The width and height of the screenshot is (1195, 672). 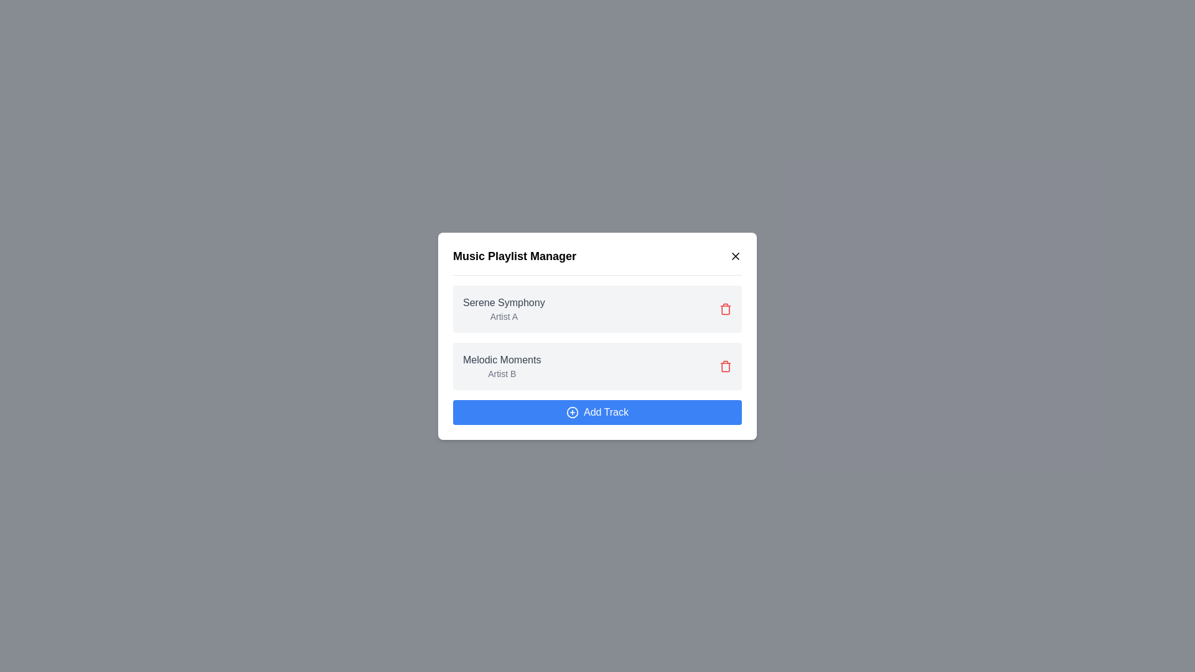 What do you see at coordinates (504, 308) in the screenshot?
I see `the multi-line text label displaying 'Serene Symphony' and 'Artist A' within the 'Music Playlist Manager' panel` at bounding box center [504, 308].